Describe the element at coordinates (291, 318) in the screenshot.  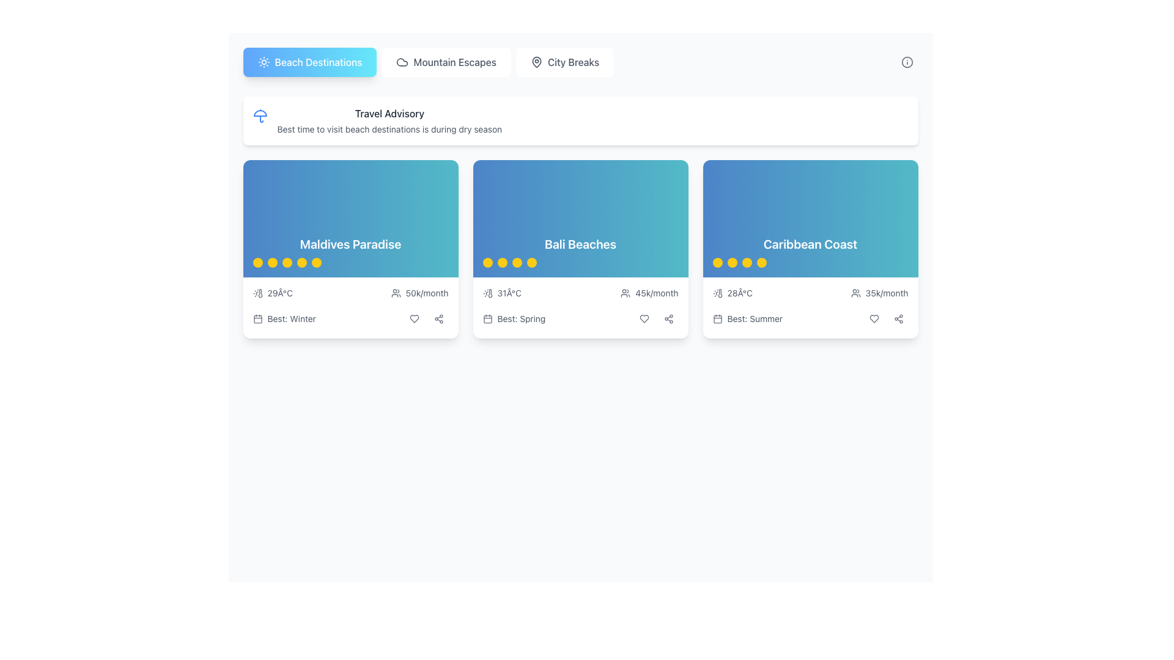
I see `the text label displaying 'Best: Winter' within the card structure about a vacation destination` at that location.